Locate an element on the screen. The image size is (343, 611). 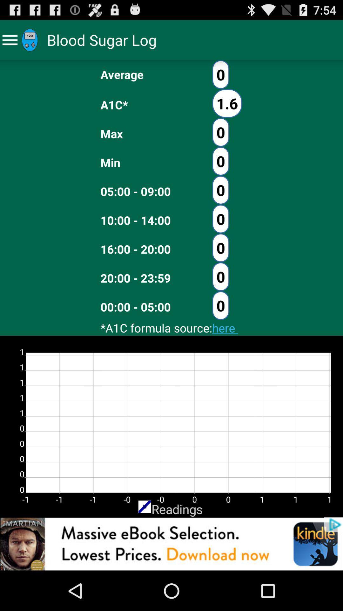
the second 0 above blue color text is located at coordinates (220, 277).